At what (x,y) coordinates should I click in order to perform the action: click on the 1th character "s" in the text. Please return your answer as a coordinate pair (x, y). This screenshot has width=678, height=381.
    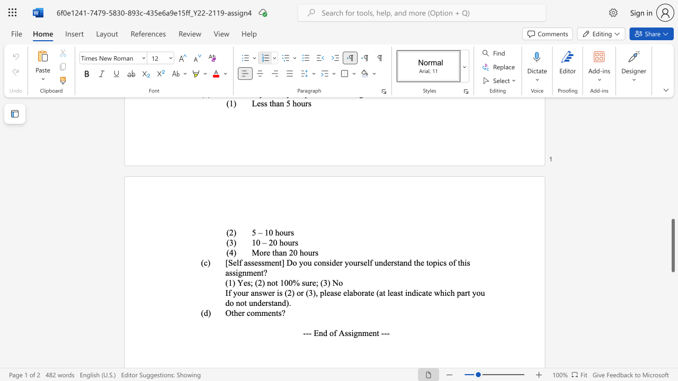
    Looking at the image, I should click on (316, 252).